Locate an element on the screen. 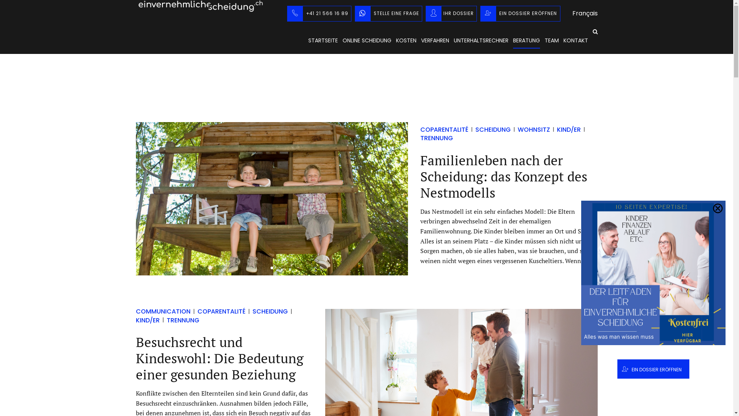 Image resolution: width=739 pixels, height=416 pixels. 'STARTSEITE' is located at coordinates (323, 40).